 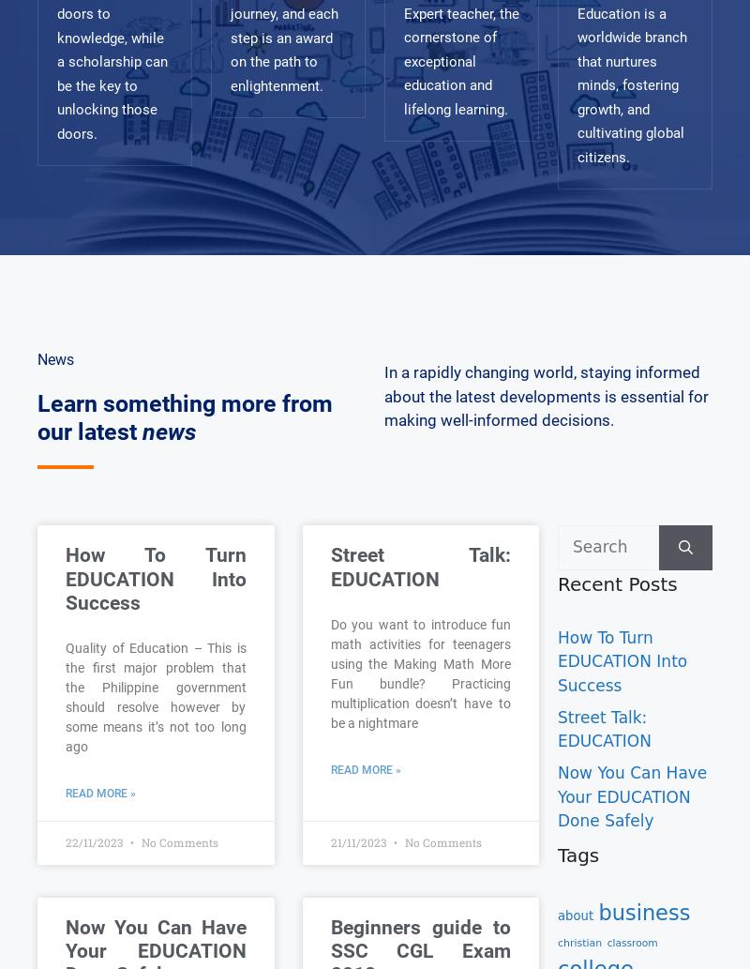 What do you see at coordinates (461, 60) in the screenshot?
I see `'Expert teacher, the cornerstone of exceptional education and lifelong learning.'` at bounding box center [461, 60].